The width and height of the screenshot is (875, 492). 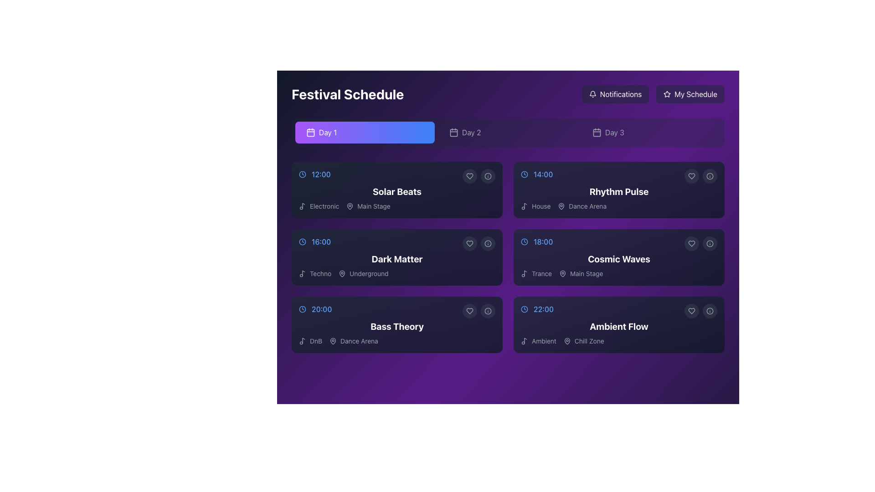 What do you see at coordinates (315, 273) in the screenshot?
I see `the 'Techno' genre text label with the music note icon located in the 'Dark Matter' event details` at bounding box center [315, 273].